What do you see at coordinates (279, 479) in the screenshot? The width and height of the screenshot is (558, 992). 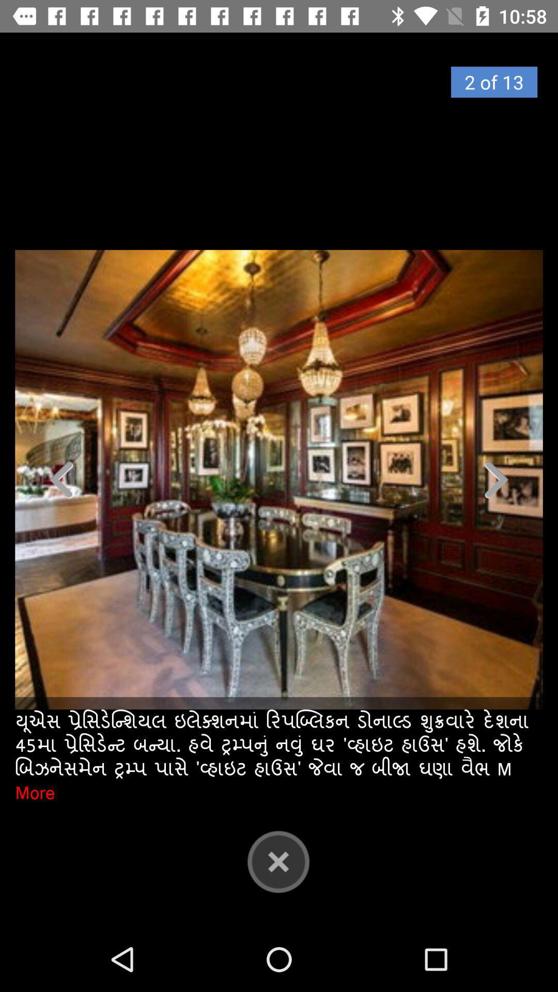 I see `click the page` at bounding box center [279, 479].